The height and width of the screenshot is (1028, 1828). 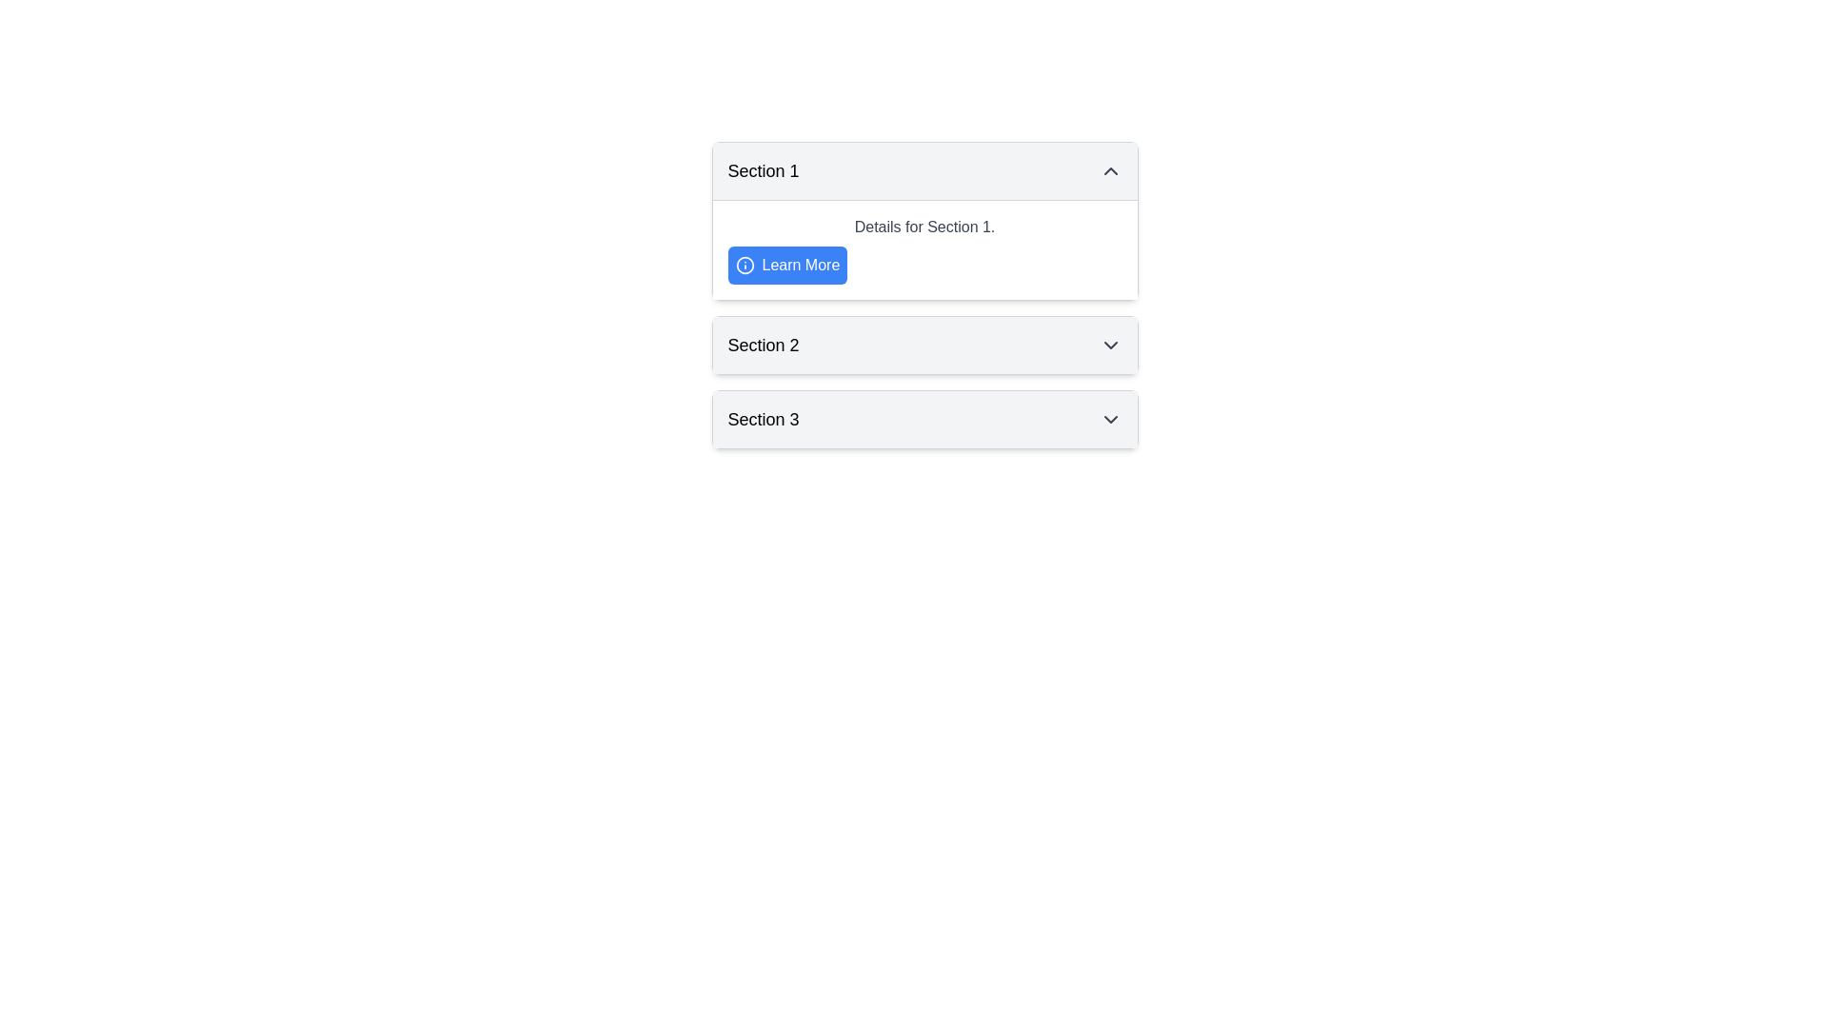 What do you see at coordinates (1110, 171) in the screenshot?
I see `the upward-pointing chevron icon in the header of the 'Section 1' expandable panel` at bounding box center [1110, 171].